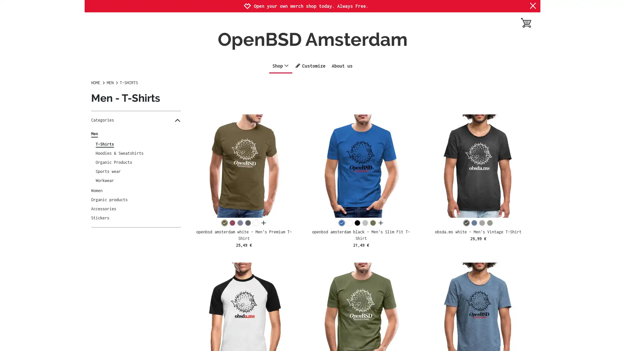 The height and width of the screenshot is (351, 625). What do you see at coordinates (341, 223) in the screenshot?
I see `royal blue` at bounding box center [341, 223].